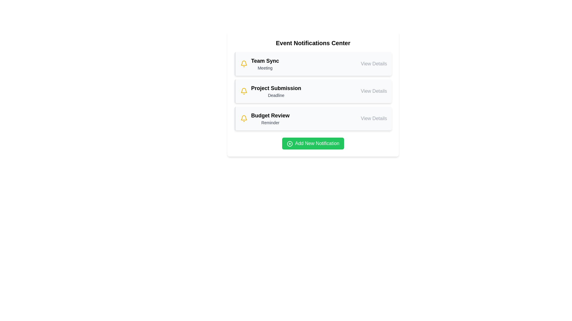  Describe the element at coordinates (276, 95) in the screenshot. I see `the static text label displaying 'Deadline' in gray color, located at the bottom of the 'Project Submission' notification block` at that location.